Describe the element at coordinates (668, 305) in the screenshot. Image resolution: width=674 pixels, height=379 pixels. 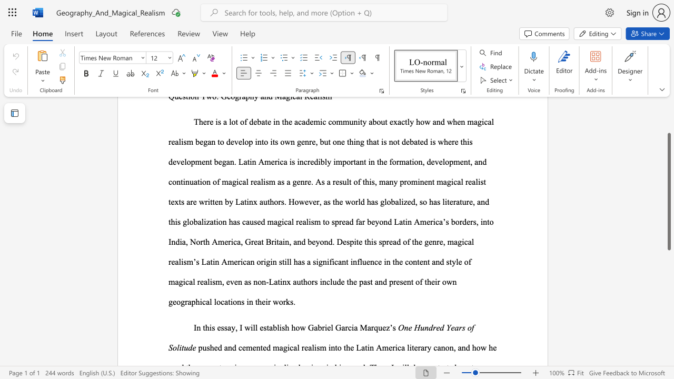
I see `the scrollbar to scroll the page down` at that location.